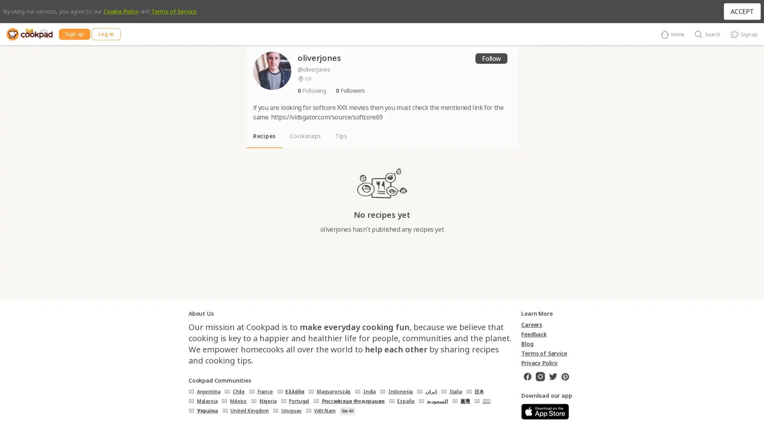 Image resolution: width=764 pixels, height=430 pixels. What do you see at coordinates (491, 58) in the screenshot?
I see `Follow` at bounding box center [491, 58].